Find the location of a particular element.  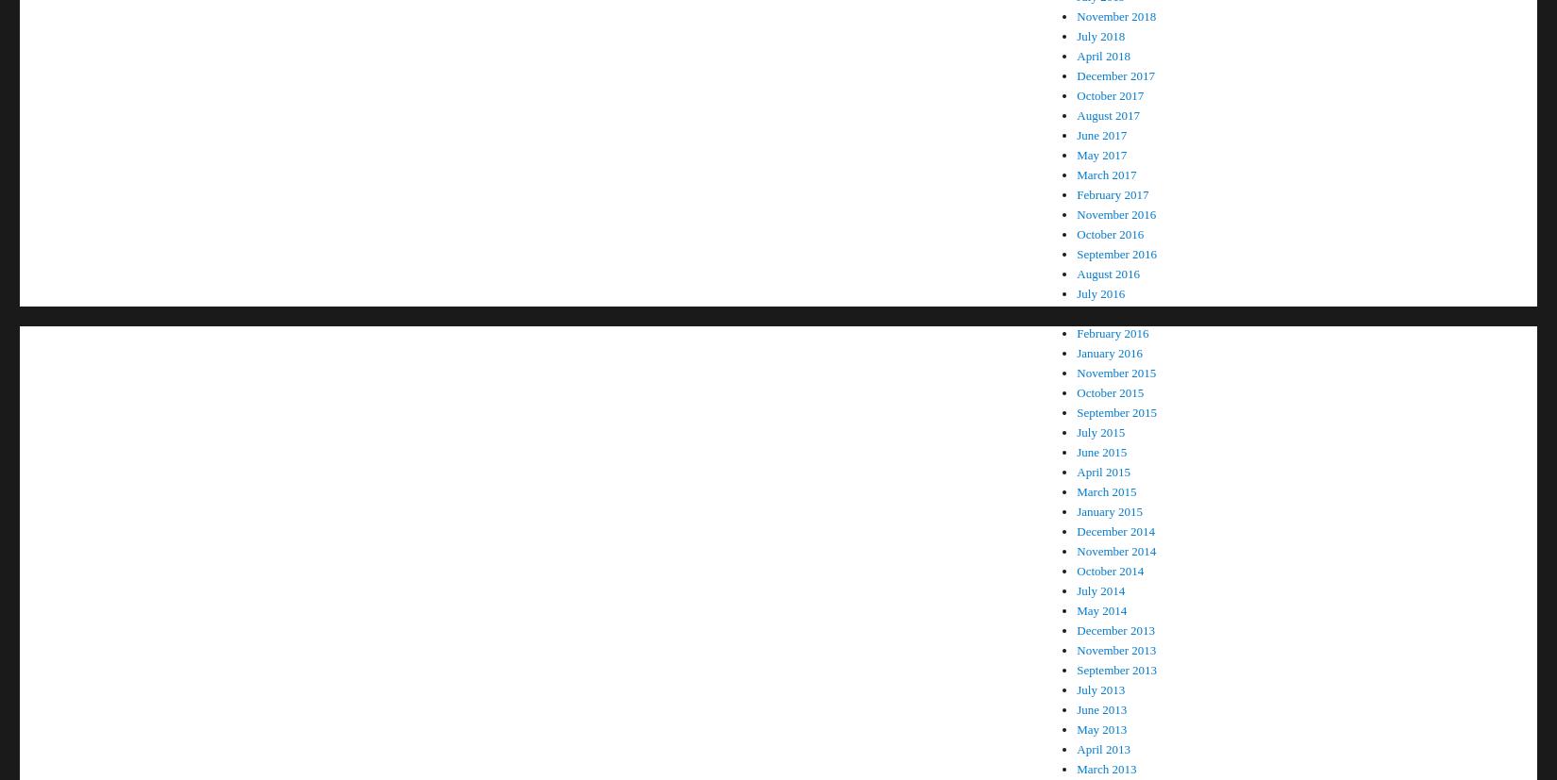

'October 2017' is located at coordinates (1110, 94).